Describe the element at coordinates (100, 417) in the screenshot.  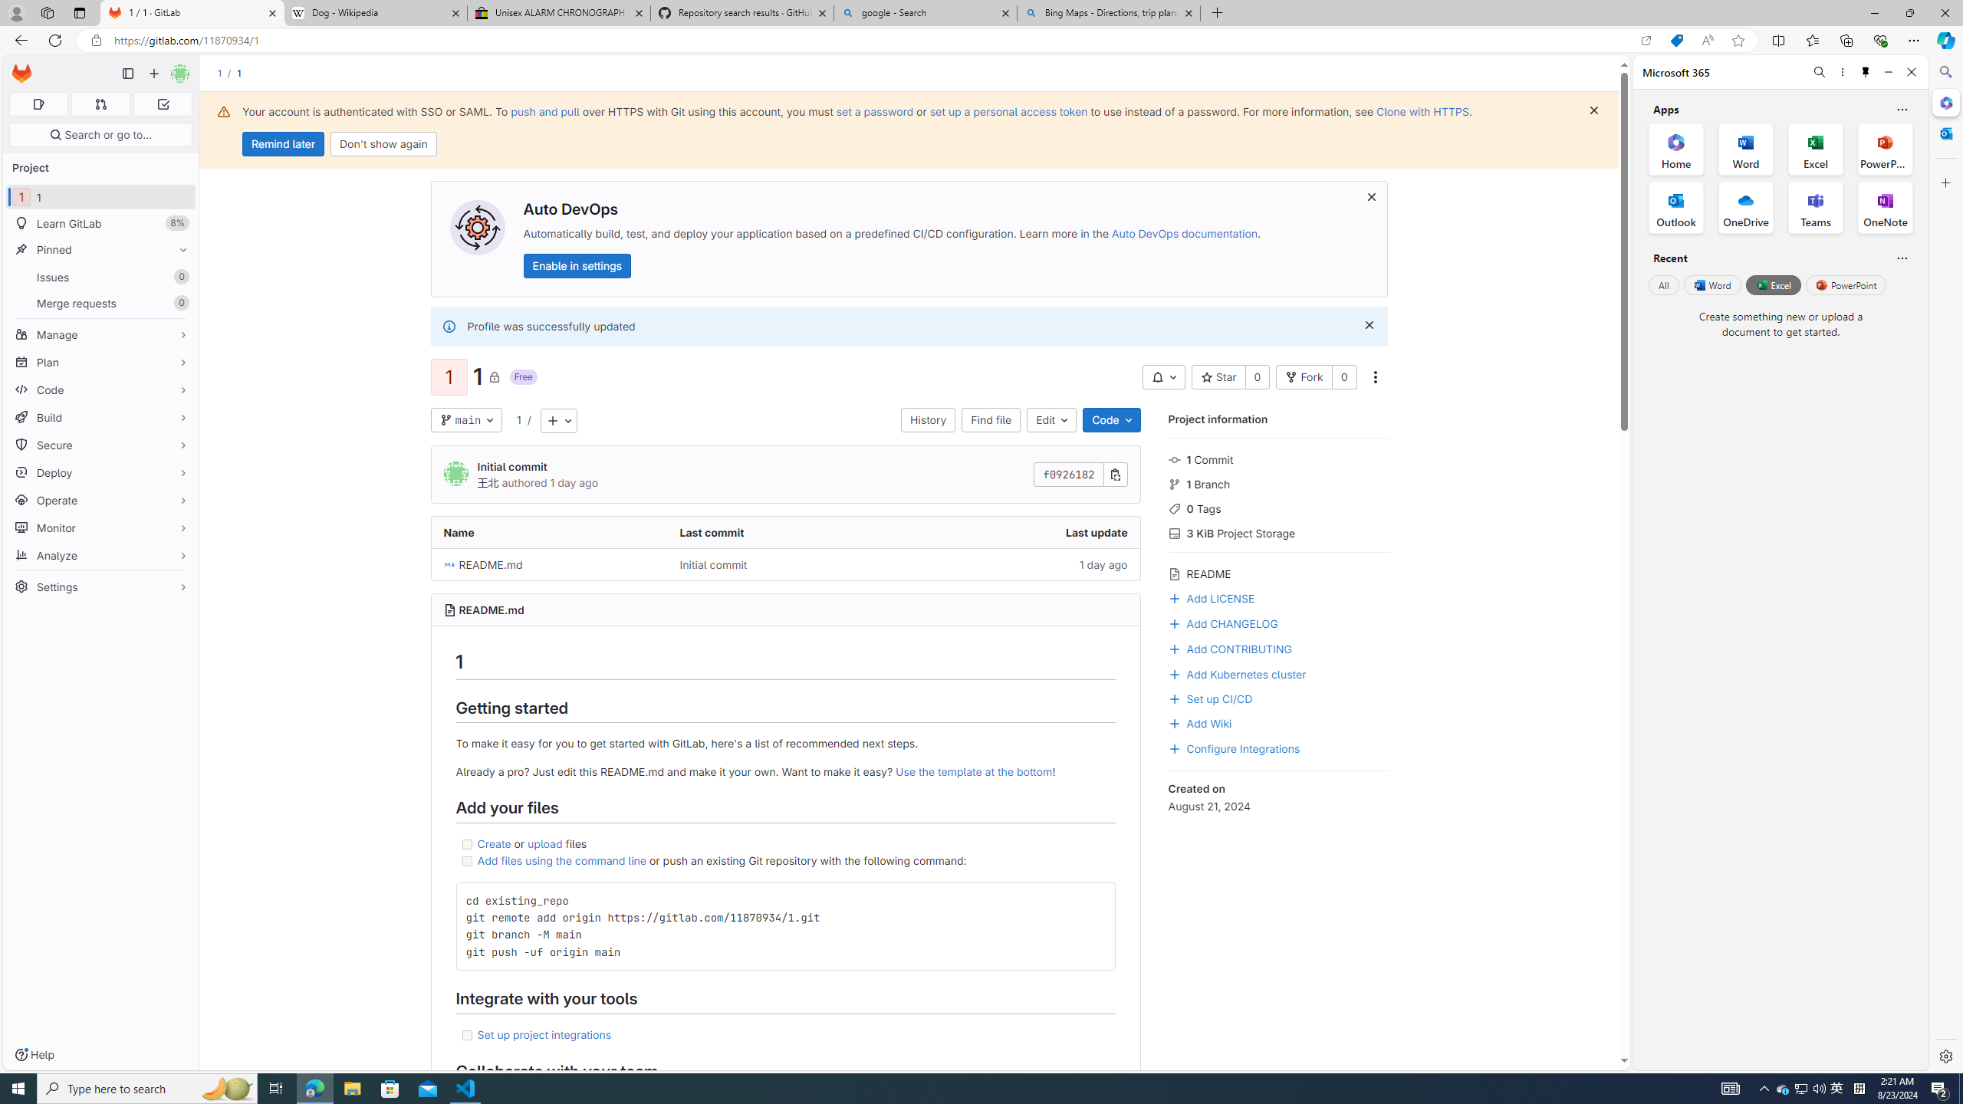
I see `'Build'` at that location.